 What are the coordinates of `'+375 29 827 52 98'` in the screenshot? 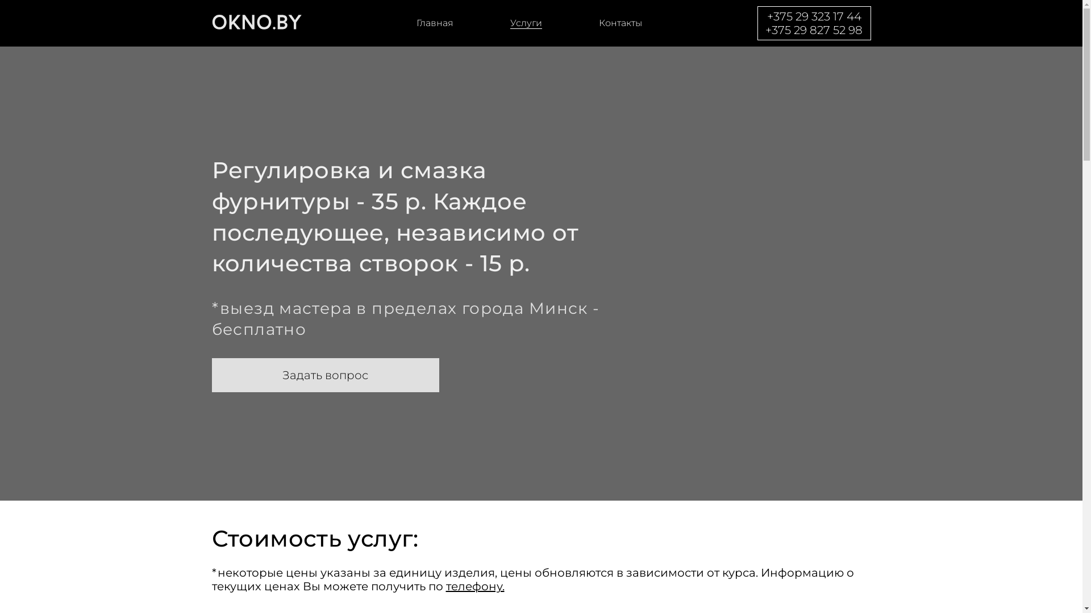 It's located at (765, 30).